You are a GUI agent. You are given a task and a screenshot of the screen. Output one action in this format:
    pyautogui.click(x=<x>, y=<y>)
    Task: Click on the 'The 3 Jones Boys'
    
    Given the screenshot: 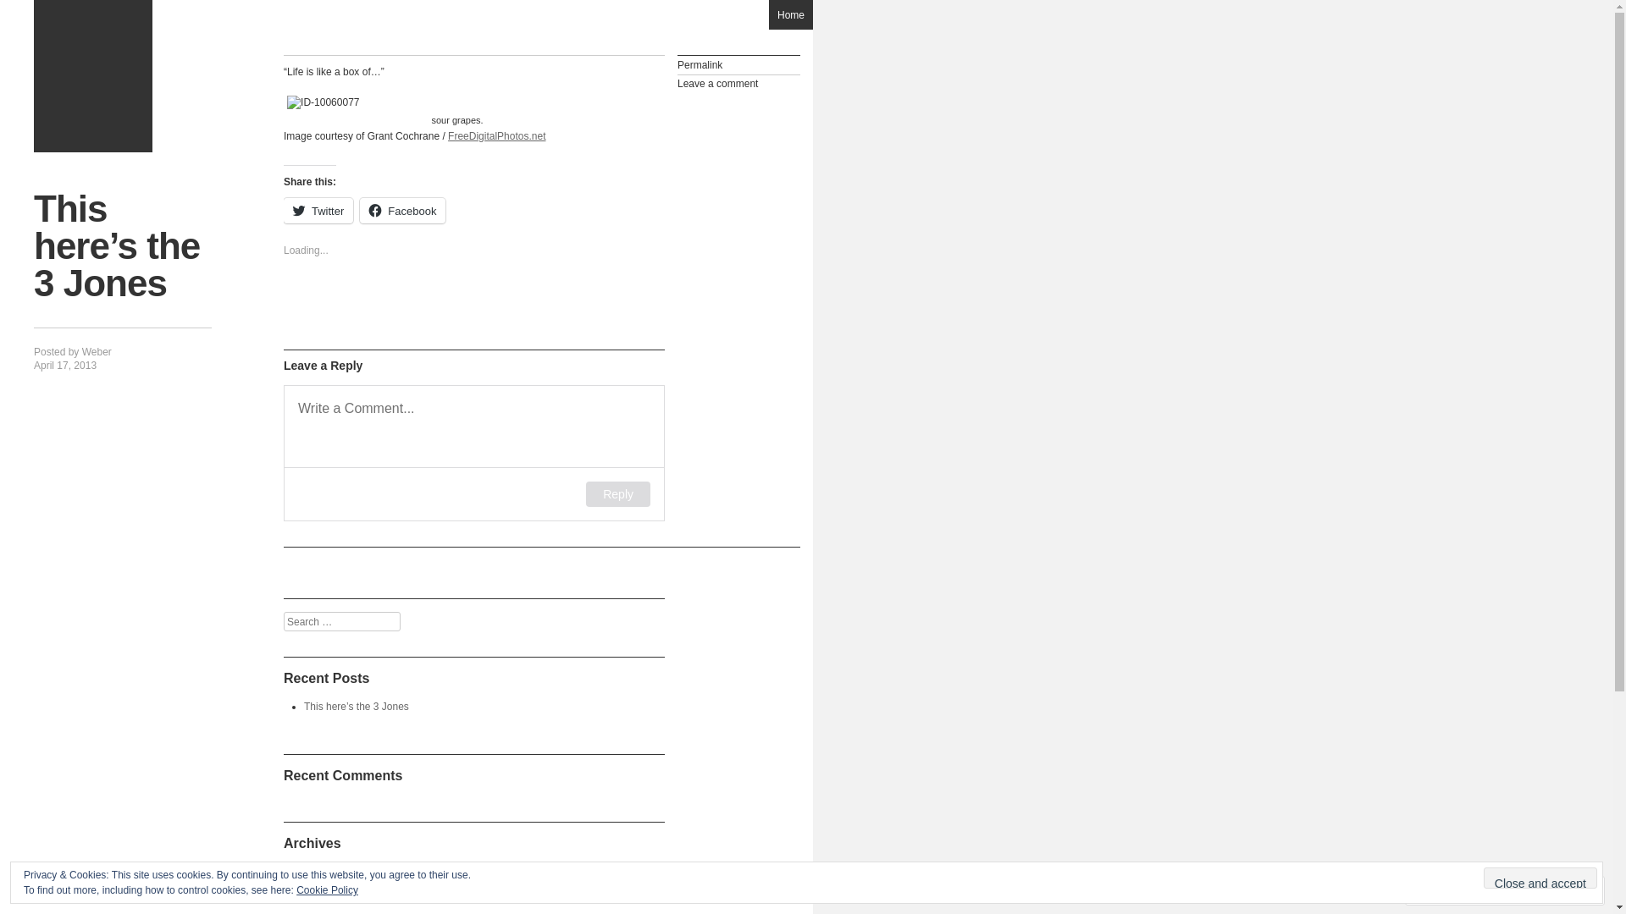 What is the action you would take?
    pyautogui.click(x=92, y=74)
    